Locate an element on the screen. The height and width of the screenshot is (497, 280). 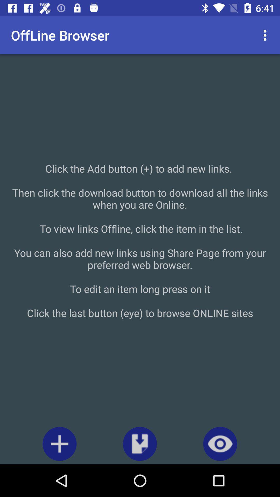
the file_download icon is located at coordinates (139, 443).